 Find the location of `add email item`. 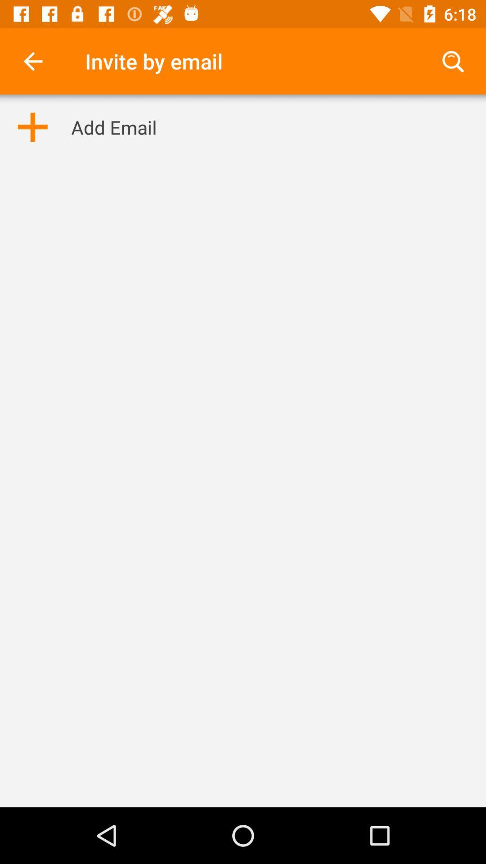

add email item is located at coordinates (113, 126).